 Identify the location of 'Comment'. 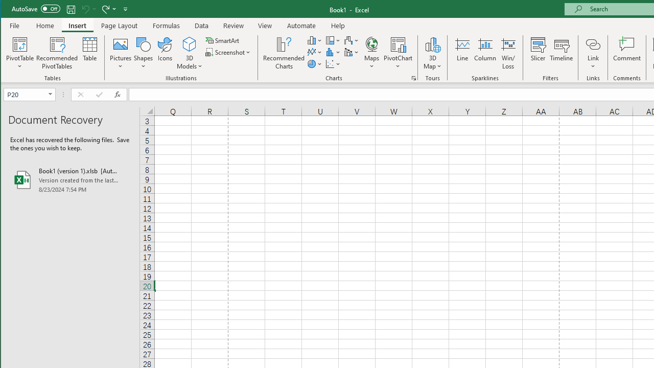
(626, 53).